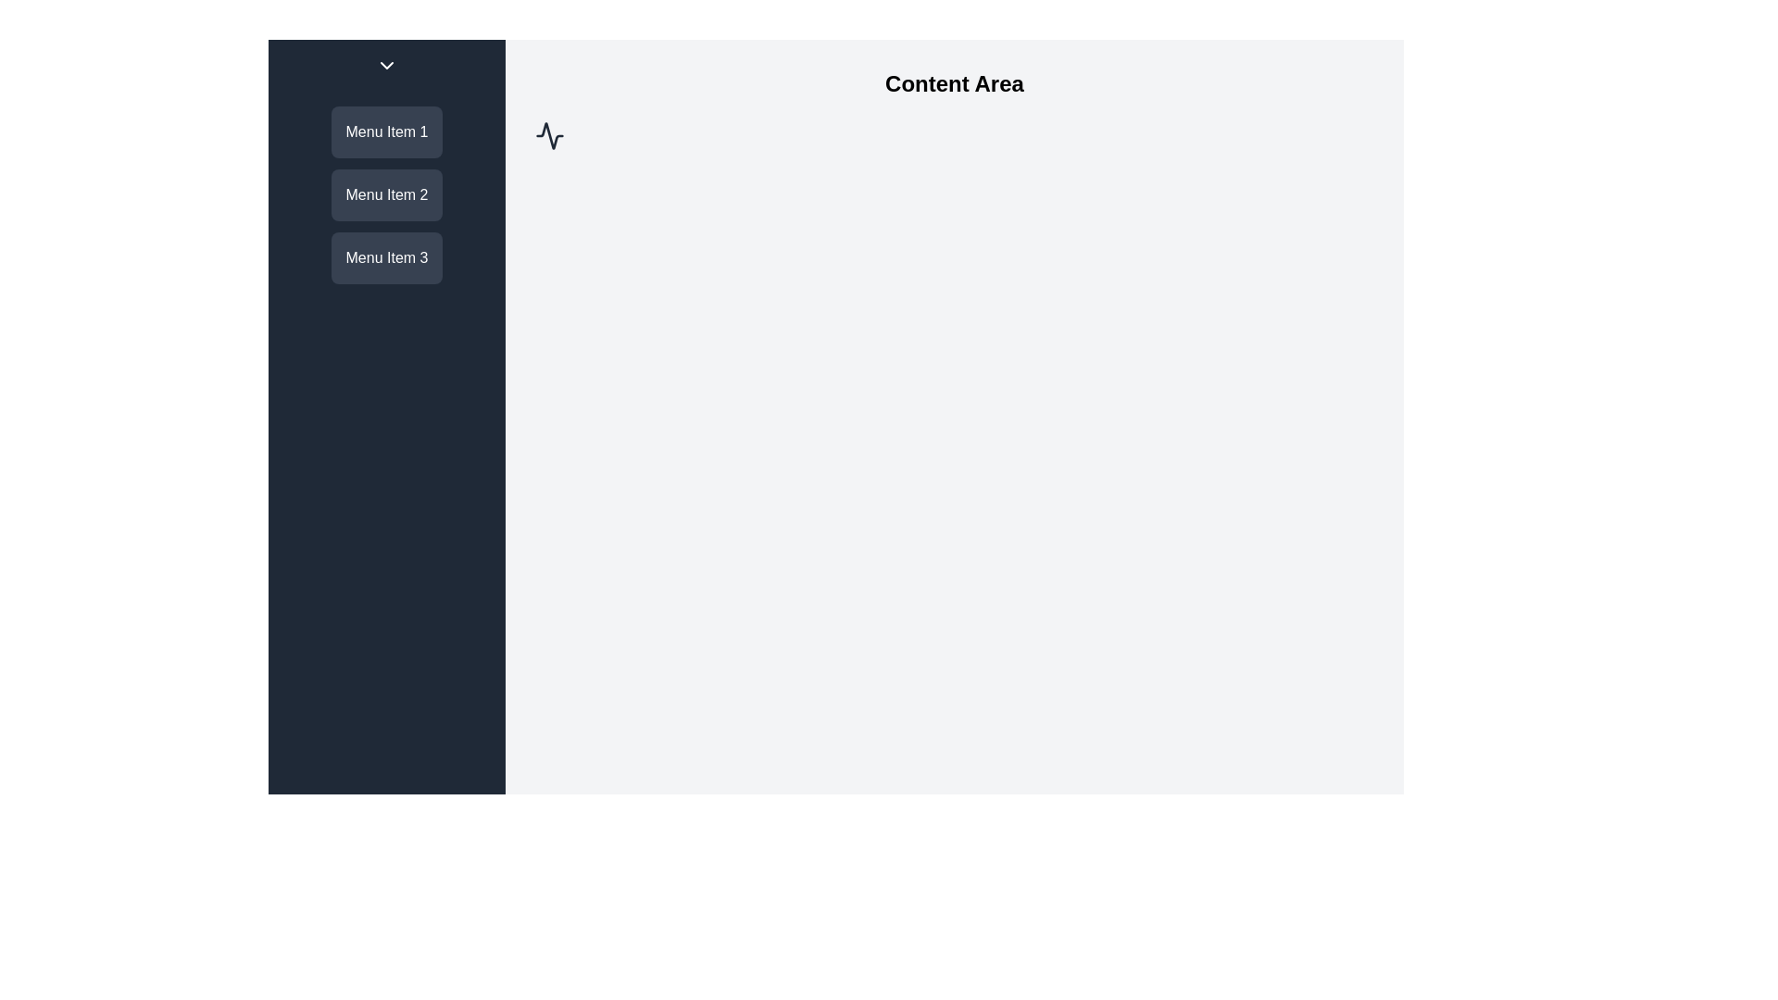  I want to click on the waveform icon, which is a minimalist SVG vector graphic with dark strokes on a light background, located towards the upper-left corner of the content area, so click(549, 134).